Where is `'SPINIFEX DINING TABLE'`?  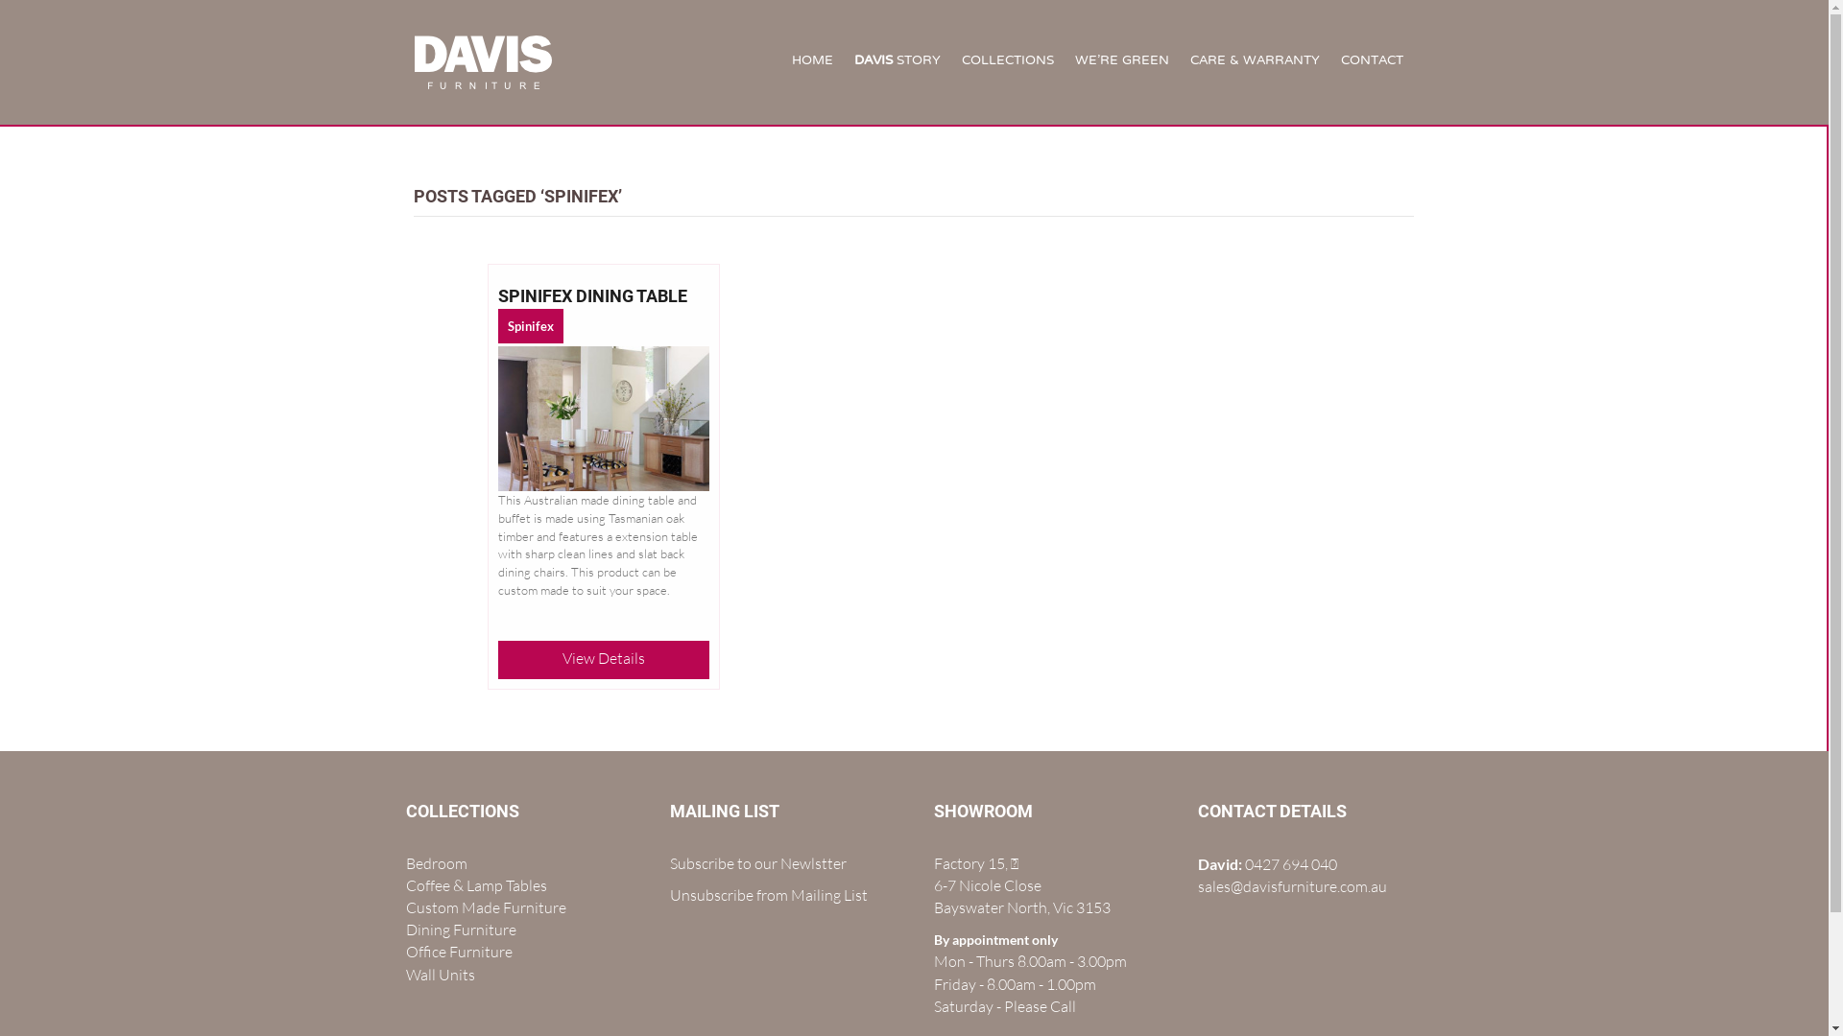
'SPINIFEX DINING TABLE' is located at coordinates (591, 295).